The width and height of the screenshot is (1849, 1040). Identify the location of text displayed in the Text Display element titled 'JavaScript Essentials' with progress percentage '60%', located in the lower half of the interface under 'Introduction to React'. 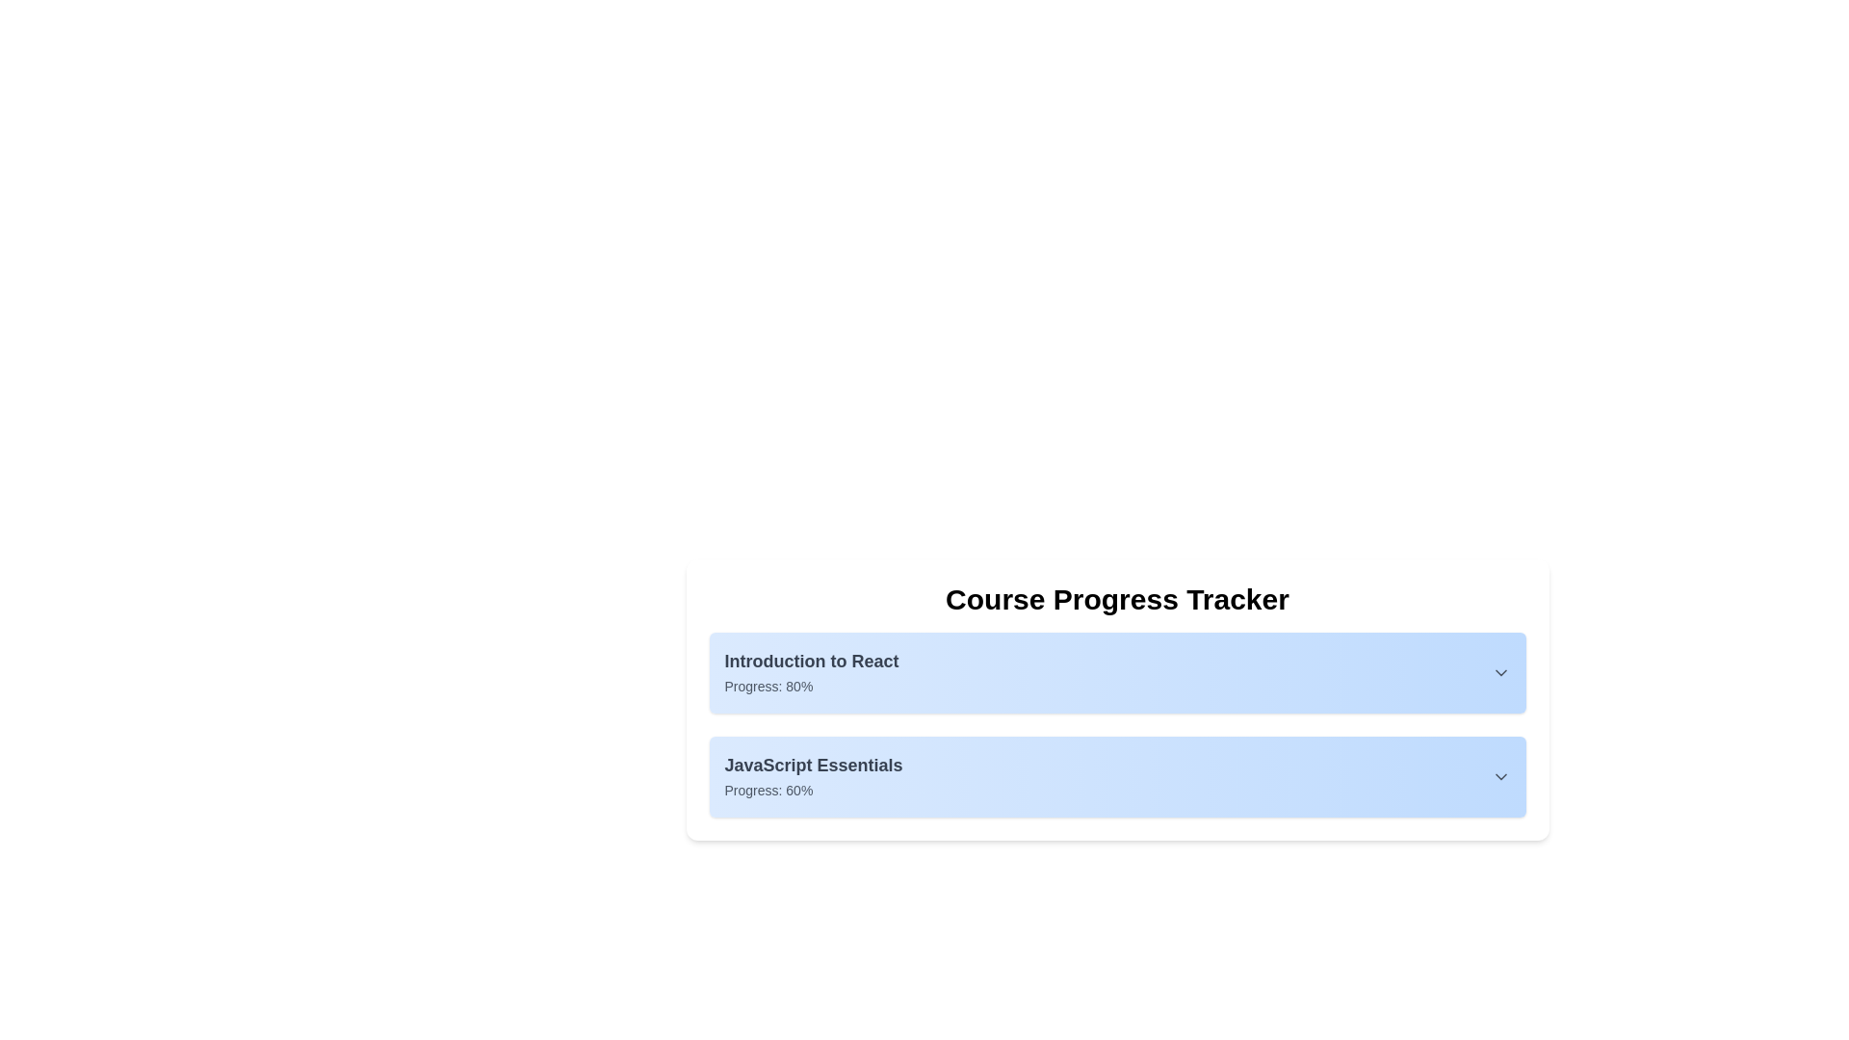
(813, 775).